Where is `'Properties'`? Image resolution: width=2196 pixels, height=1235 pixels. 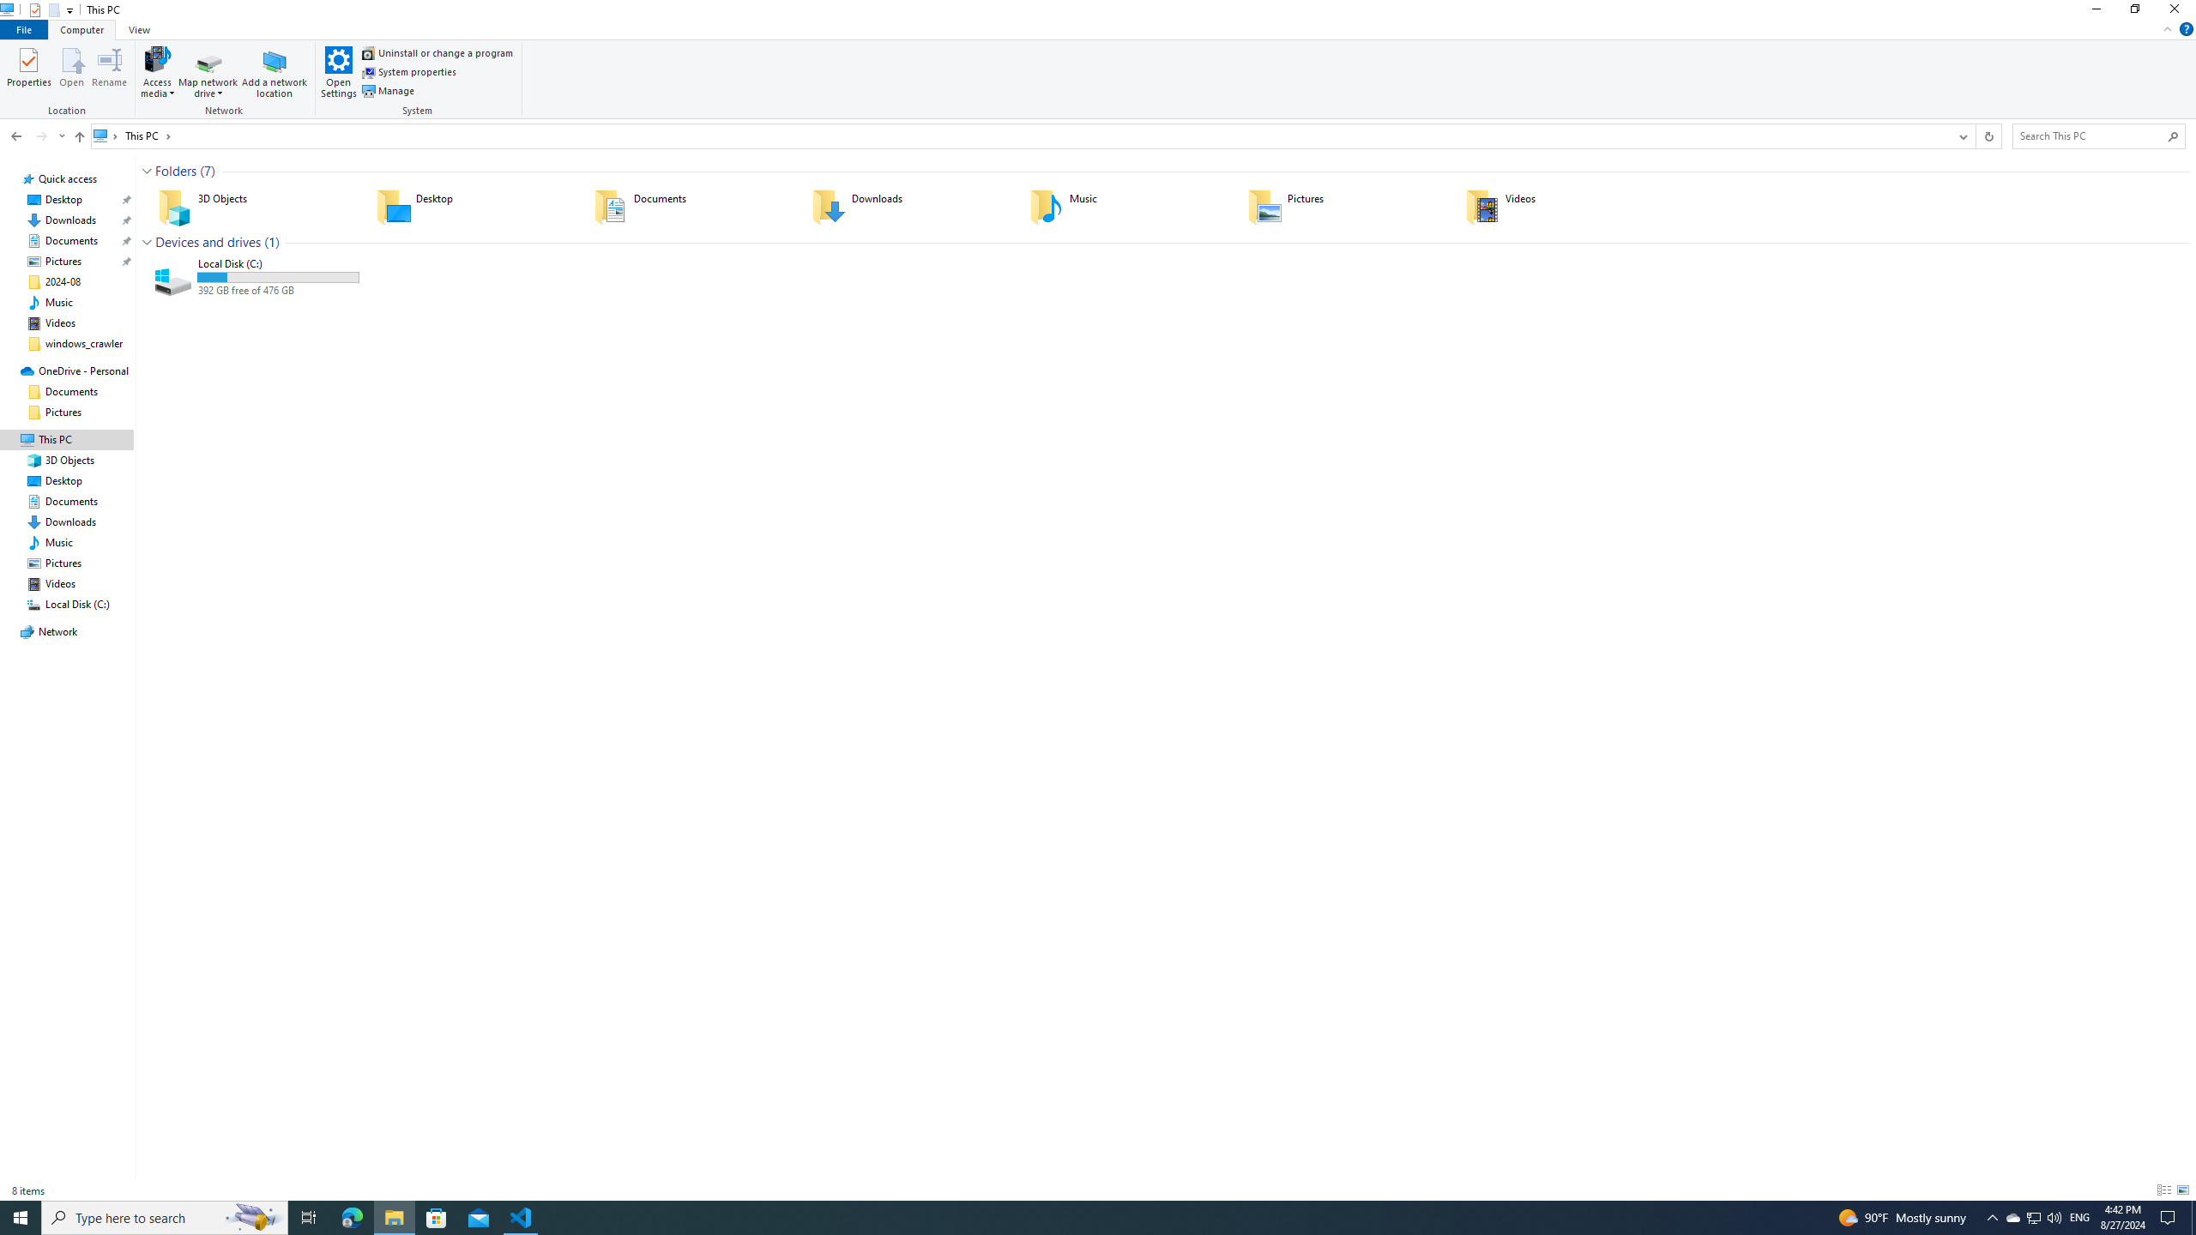 'Properties' is located at coordinates (28, 71).